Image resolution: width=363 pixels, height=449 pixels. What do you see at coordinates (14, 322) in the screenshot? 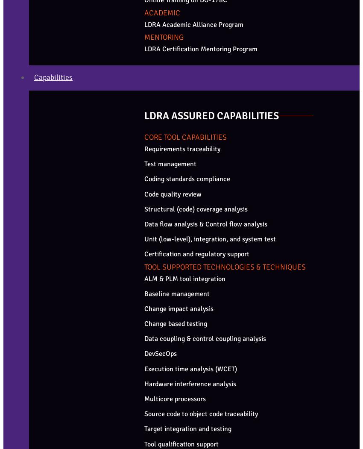
I see `'INDIA:'` at bounding box center [14, 322].